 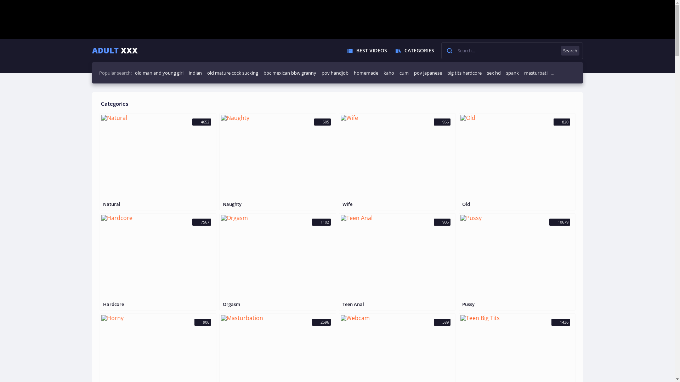 I want to click on 'homemade', so click(x=365, y=73).